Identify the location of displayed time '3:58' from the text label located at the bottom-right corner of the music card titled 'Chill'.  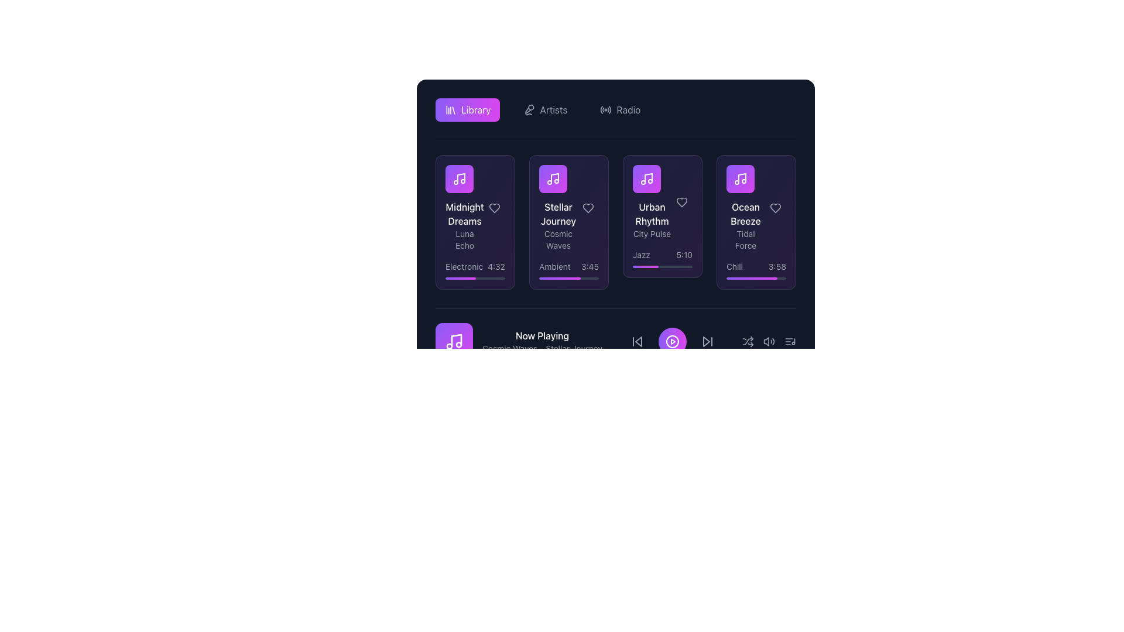
(777, 266).